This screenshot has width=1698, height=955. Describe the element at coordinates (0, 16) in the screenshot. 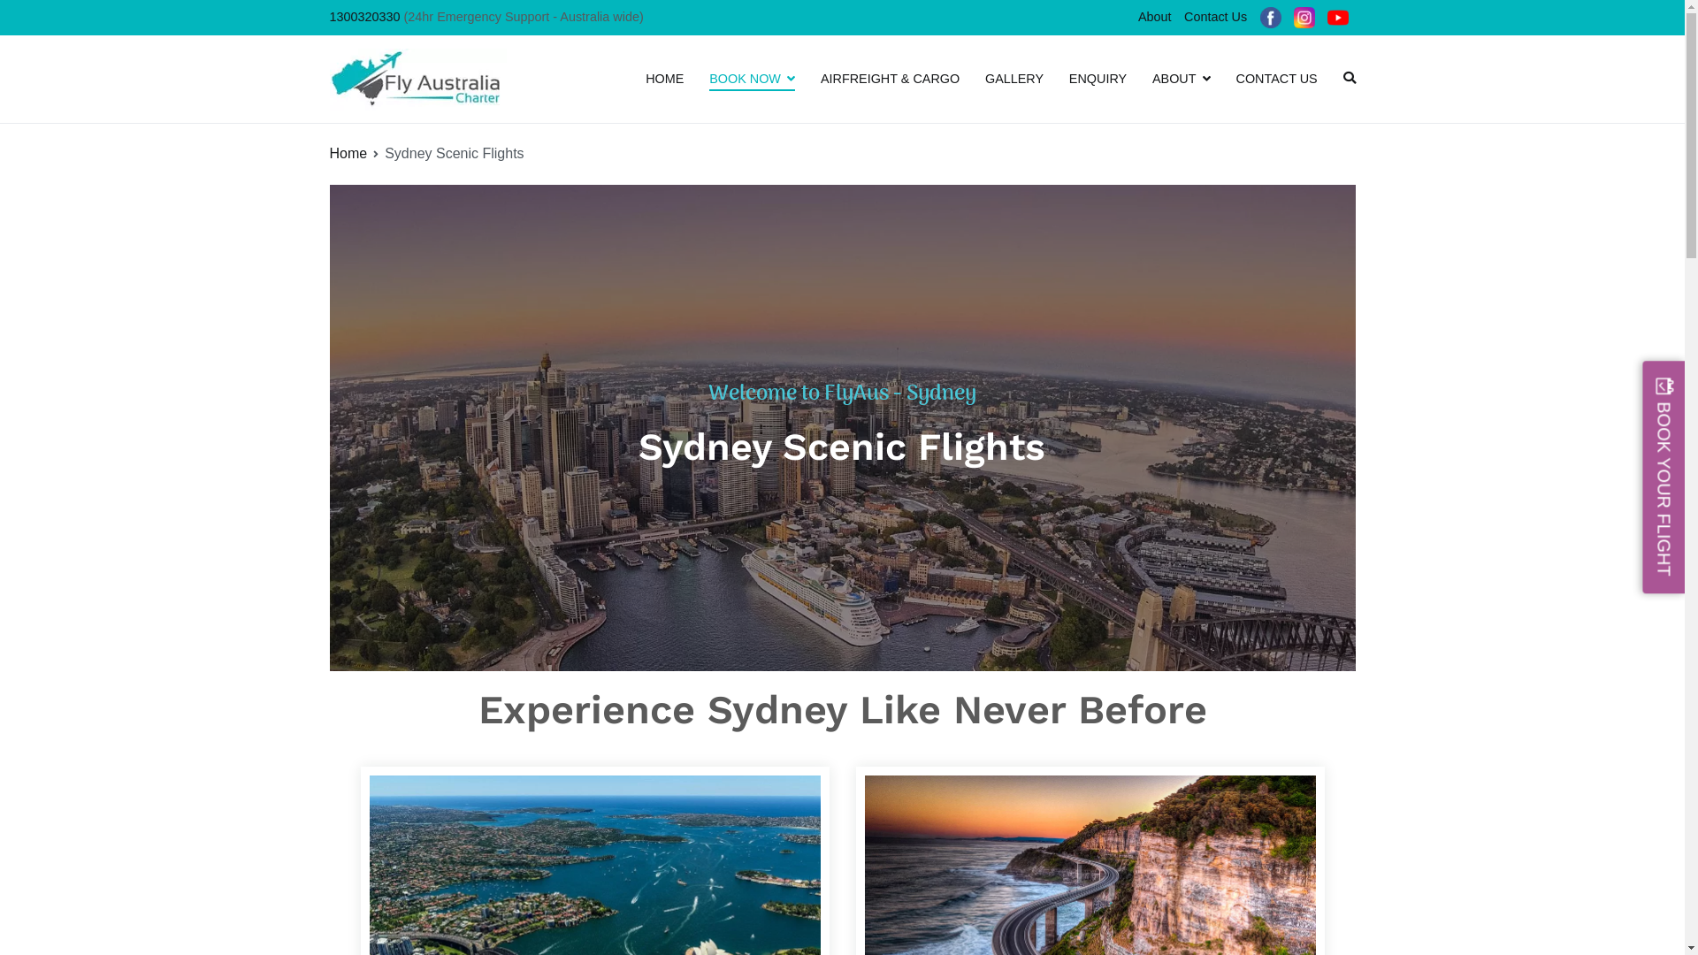

I see `'Search'` at that location.